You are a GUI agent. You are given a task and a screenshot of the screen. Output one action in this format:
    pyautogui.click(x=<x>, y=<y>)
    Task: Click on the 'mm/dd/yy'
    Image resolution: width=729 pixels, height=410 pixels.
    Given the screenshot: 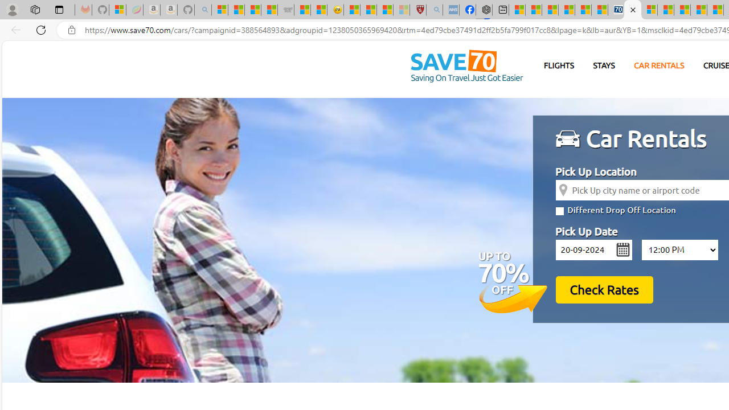 What is the action you would take?
    pyautogui.click(x=593, y=249)
    